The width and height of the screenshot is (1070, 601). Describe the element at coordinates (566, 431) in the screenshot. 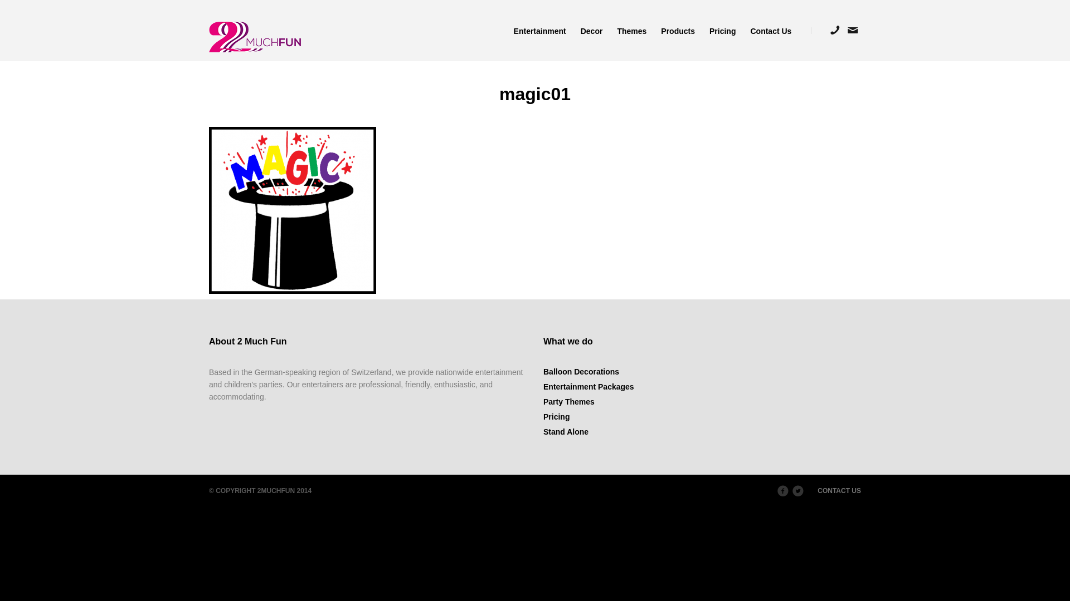

I see `'Stand Alone'` at that location.